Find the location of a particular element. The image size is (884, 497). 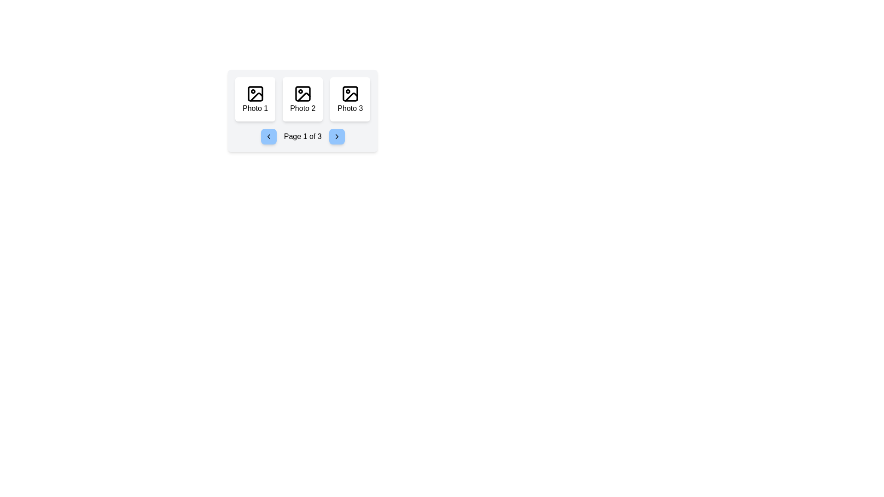

the Text Display element that shows 'Page 1 of 3', located below the photo grid and between two arrow buttons is located at coordinates (302, 137).